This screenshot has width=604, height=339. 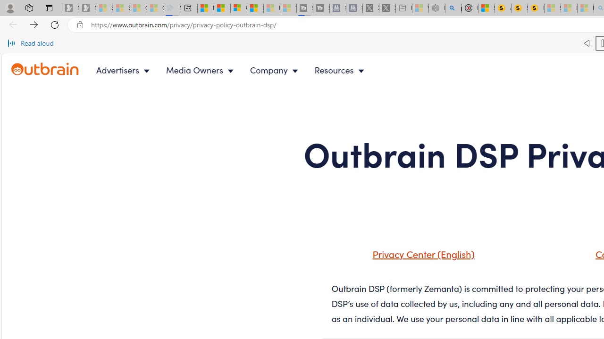 What do you see at coordinates (28, 58) in the screenshot?
I see `'Skip navigation to go to main content'` at bounding box center [28, 58].